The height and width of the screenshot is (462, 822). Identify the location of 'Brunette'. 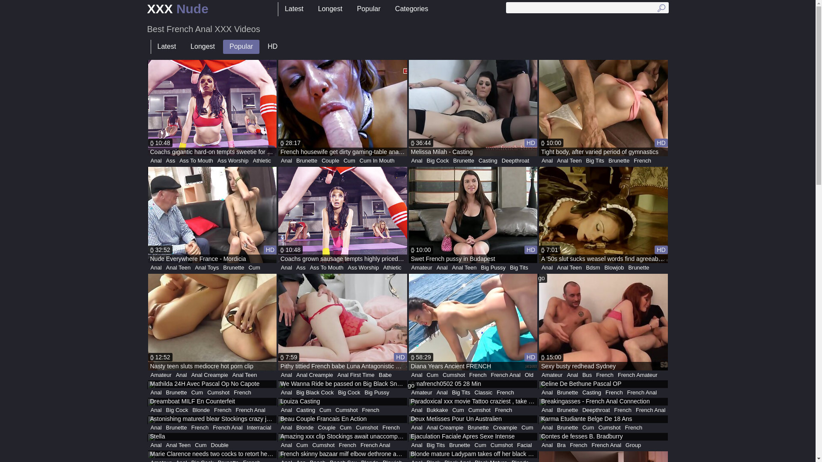
(307, 160).